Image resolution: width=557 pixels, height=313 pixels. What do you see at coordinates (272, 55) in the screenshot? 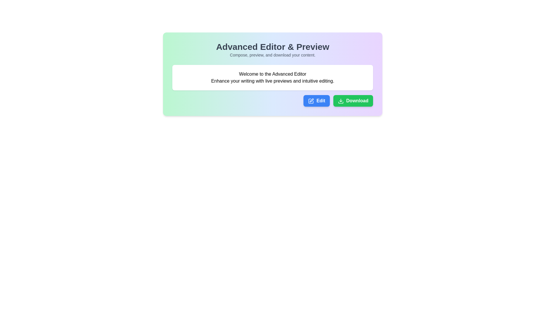
I see `the text element displaying 'Compose, preview, and download your content.' which is styled in a small, gray font and positioned below 'Advanced Editor & Preview'` at bounding box center [272, 55].